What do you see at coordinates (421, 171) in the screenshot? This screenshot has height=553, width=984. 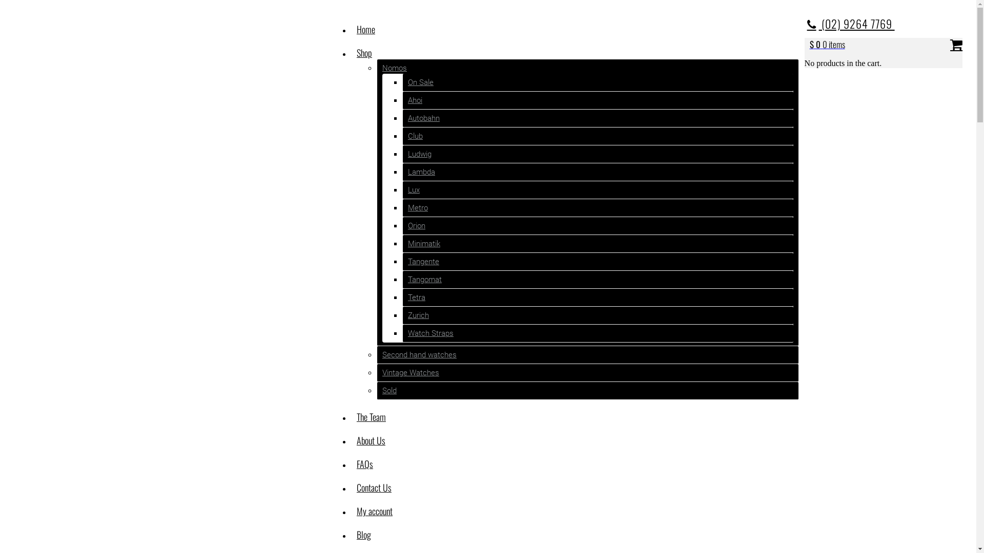 I see `'Lambda'` at bounding box center [421, 171].